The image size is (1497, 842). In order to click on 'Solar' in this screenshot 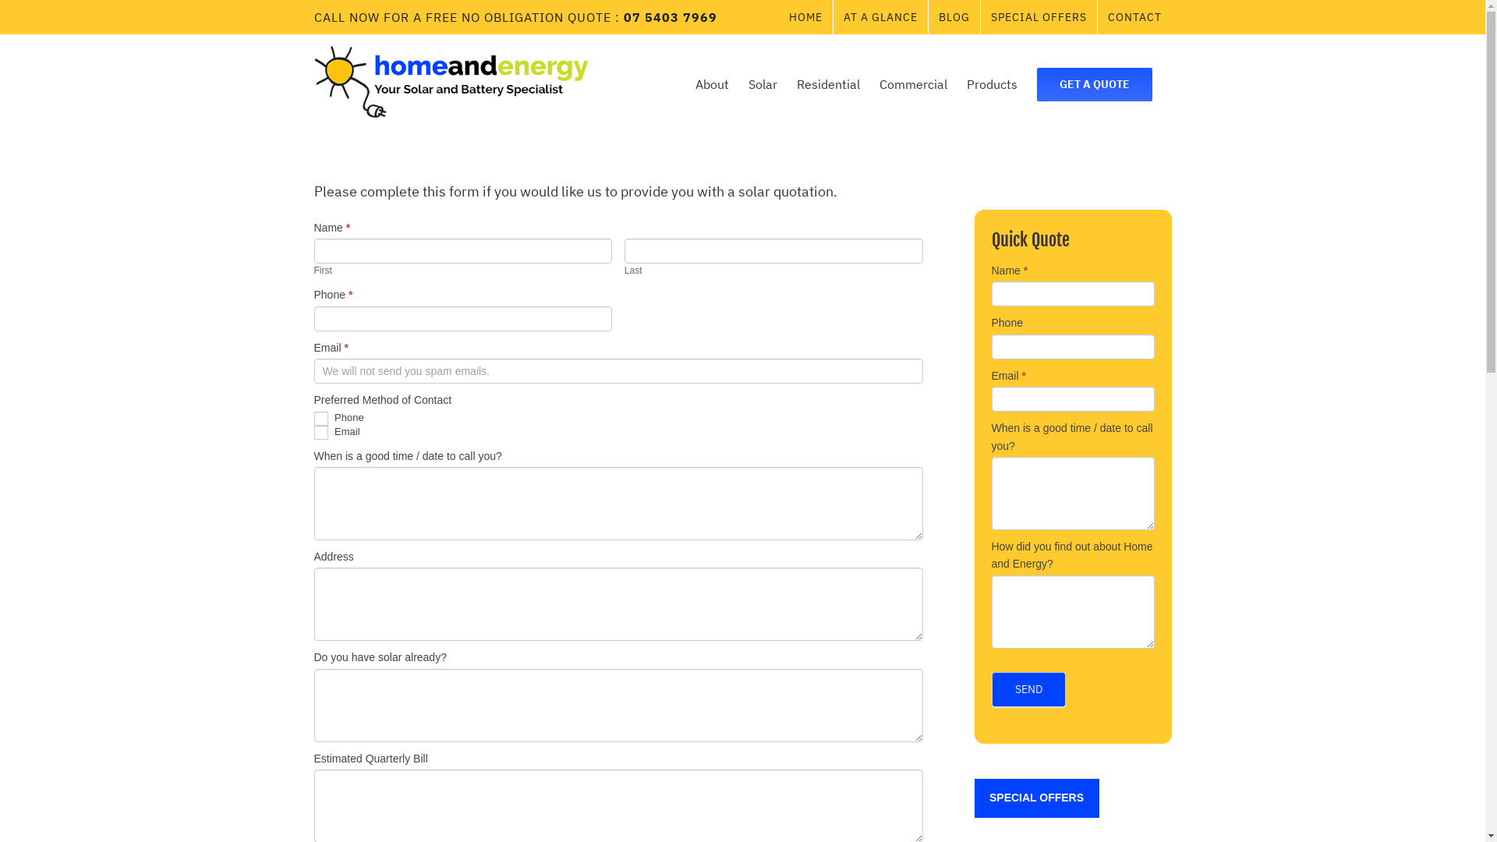, I will do `click(763, 84)`.